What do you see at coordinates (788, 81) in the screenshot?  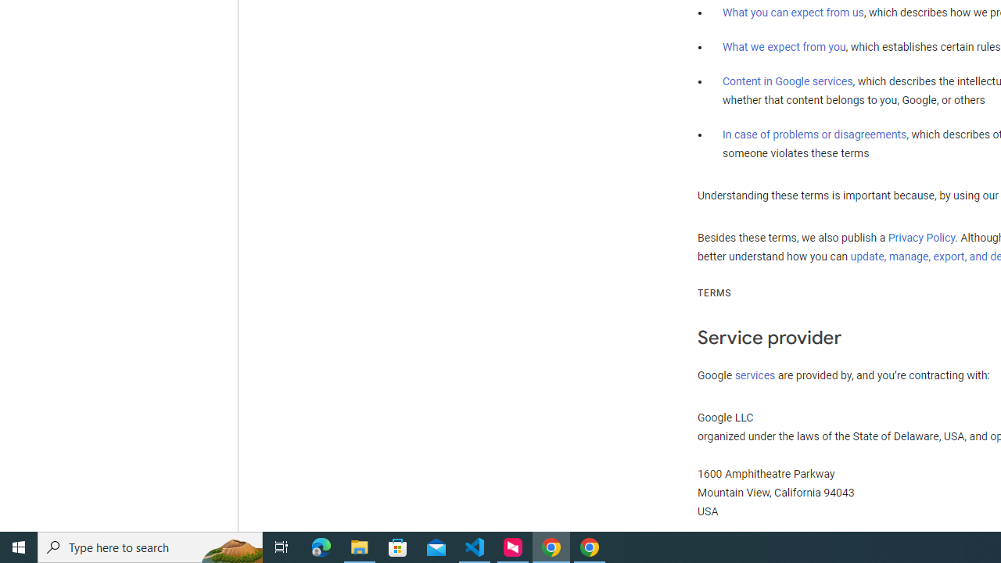 I see `'Content in Google services'` at bounding box center [788, 81].